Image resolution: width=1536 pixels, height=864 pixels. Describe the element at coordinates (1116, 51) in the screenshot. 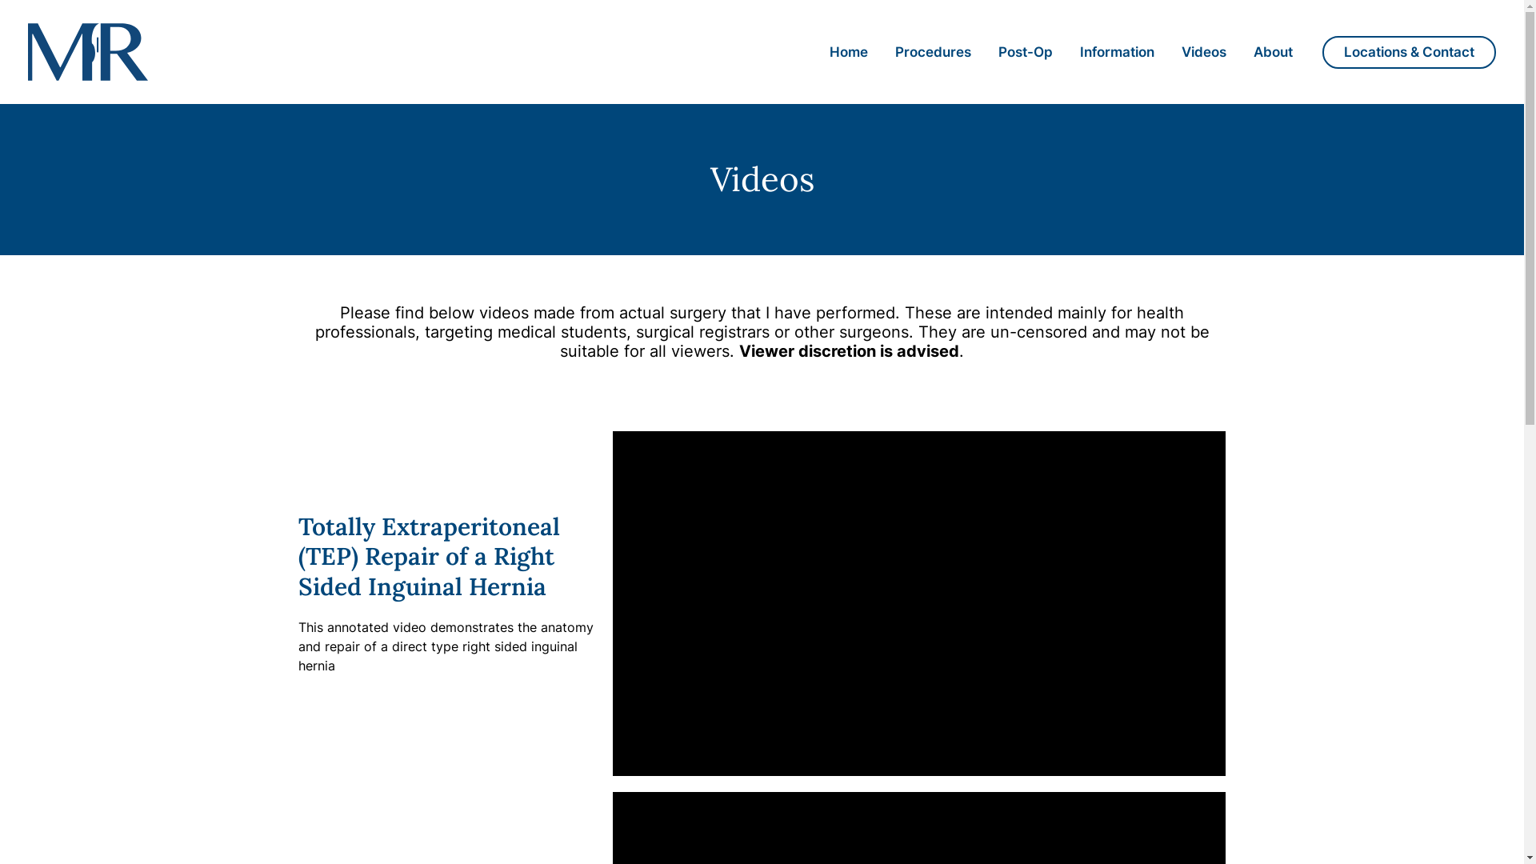

I see `'Information'` at that location.